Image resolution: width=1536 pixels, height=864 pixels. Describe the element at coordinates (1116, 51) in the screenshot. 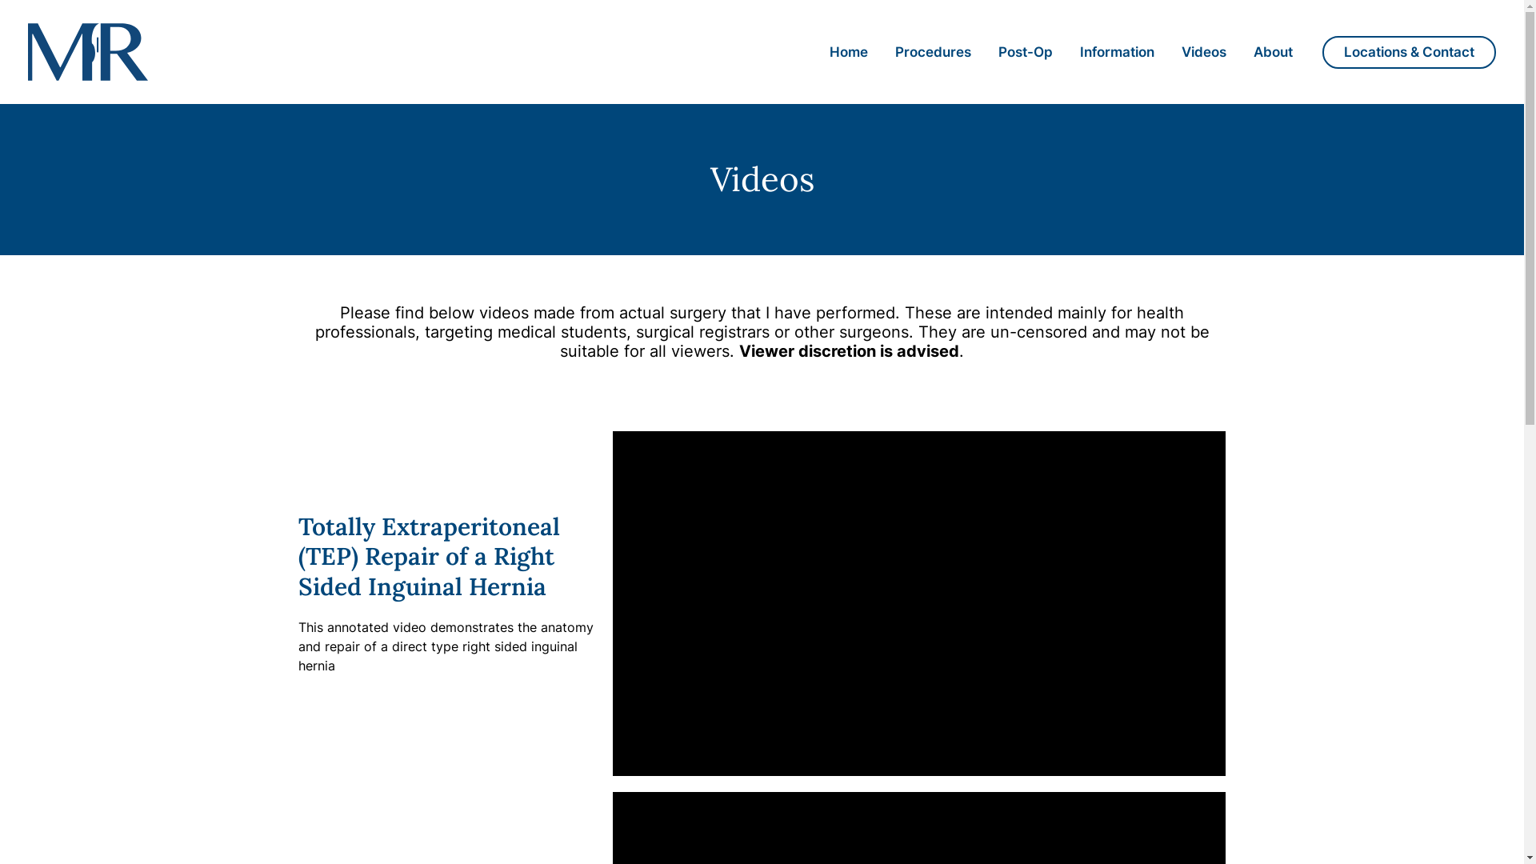

I see `'Information'` at that location.